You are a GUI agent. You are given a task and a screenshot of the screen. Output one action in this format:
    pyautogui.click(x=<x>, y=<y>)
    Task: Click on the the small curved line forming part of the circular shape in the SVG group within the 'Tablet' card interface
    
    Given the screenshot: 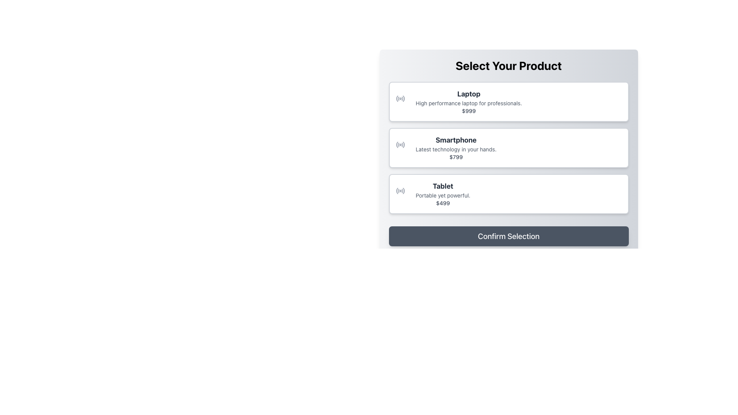 What is the action you would take?
    pyautogui.click(x=397, y=191)
    